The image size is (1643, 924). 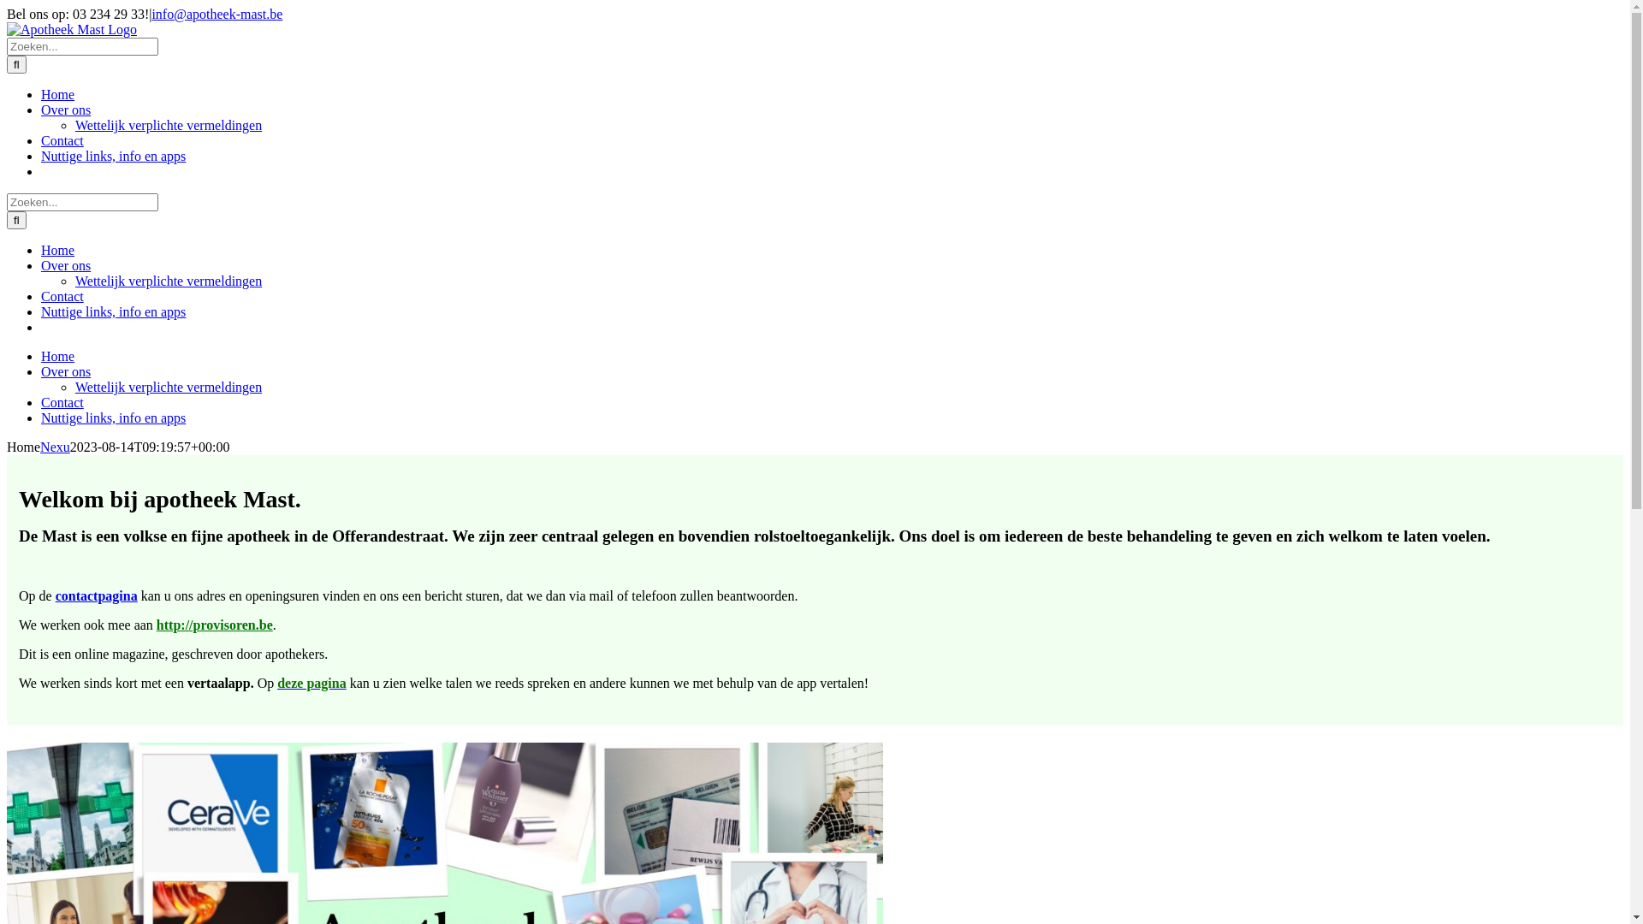 I want to click on 'Home', so click(x=41, y=355).